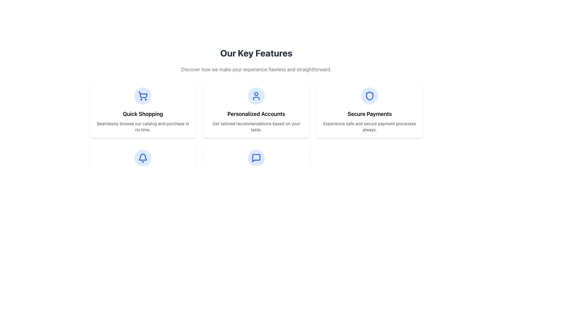 Image resolution: width=579 pixels, height=326 pixels. Describe the element at coordinates (369, 95) in the screenshot. I see `the shield icon representing 'Secure Payments' in the feature card layout, located at the top-center of the card` at that location.